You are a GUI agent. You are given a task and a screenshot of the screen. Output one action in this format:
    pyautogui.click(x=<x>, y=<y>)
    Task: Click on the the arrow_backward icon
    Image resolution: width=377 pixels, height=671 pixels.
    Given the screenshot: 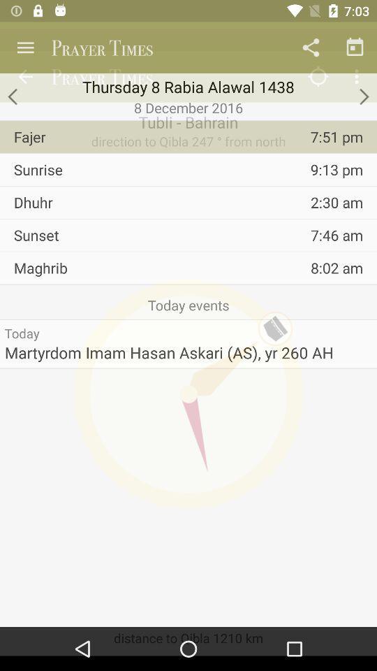 What is the action you would take?
    pyautogui.click(x=13, y=96)
    